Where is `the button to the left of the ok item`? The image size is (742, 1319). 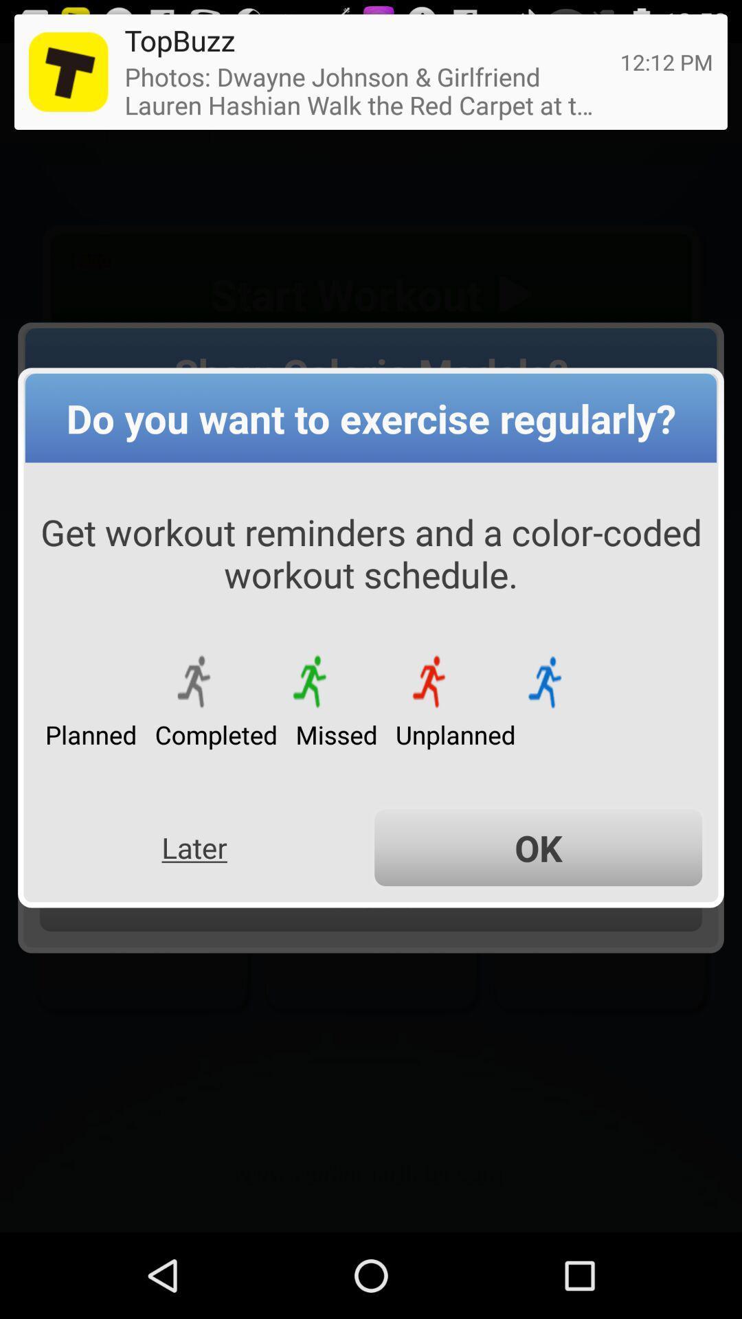
the button to the left of the ok item is located at coordinates (194, 847).